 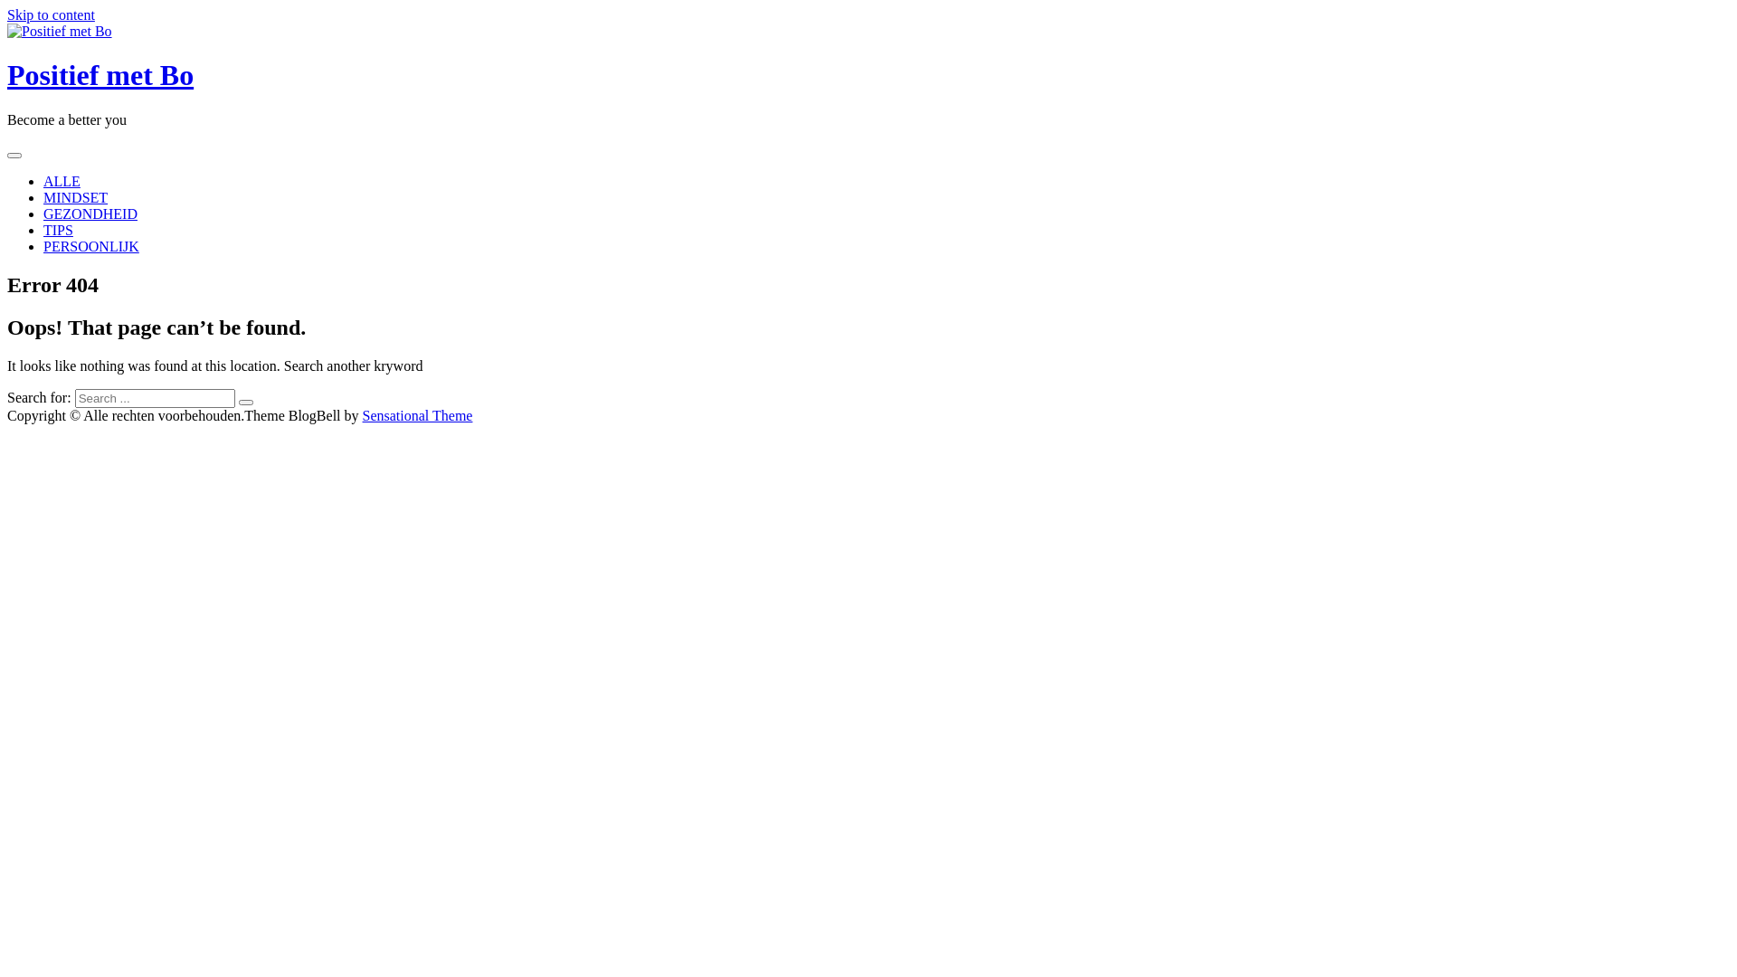 What do you see at coordinates (74, 197) in the screenshot?
I see `'MINDSET'` at bounding box center [74, 197].